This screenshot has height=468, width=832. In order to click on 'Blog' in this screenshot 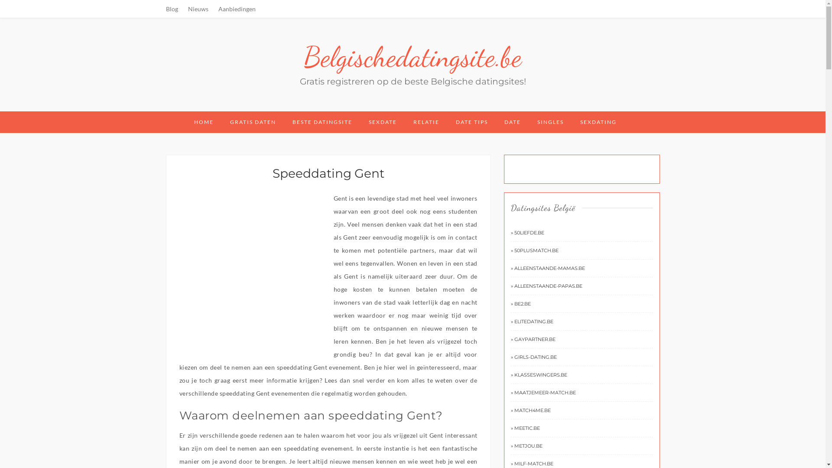, I will do `click(166, 9)`.